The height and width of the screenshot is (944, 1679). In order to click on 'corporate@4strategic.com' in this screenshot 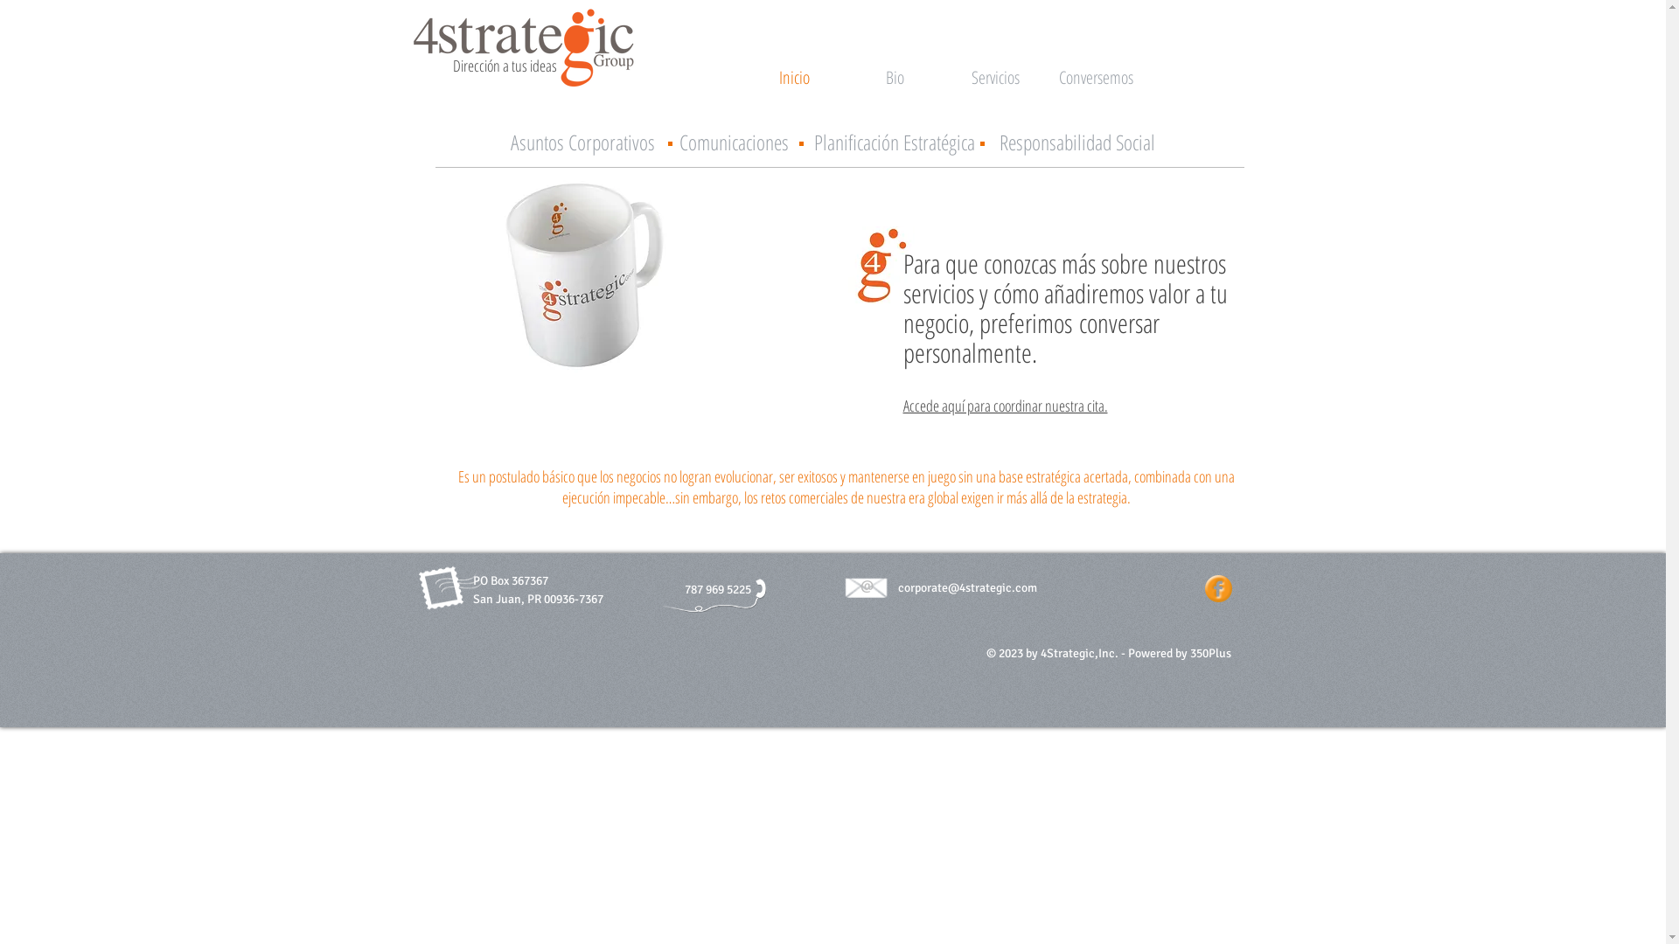, I will do `click(965, 584)`.